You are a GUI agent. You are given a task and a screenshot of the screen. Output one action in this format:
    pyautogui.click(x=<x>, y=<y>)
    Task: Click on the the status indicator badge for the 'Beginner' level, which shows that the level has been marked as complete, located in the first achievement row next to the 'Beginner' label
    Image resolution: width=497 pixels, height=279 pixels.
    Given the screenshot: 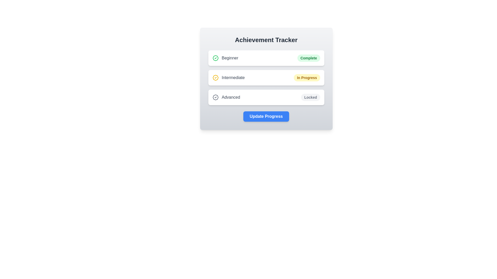 What is the action you would take?
    pyautogui.click(x=309, y=58)
    